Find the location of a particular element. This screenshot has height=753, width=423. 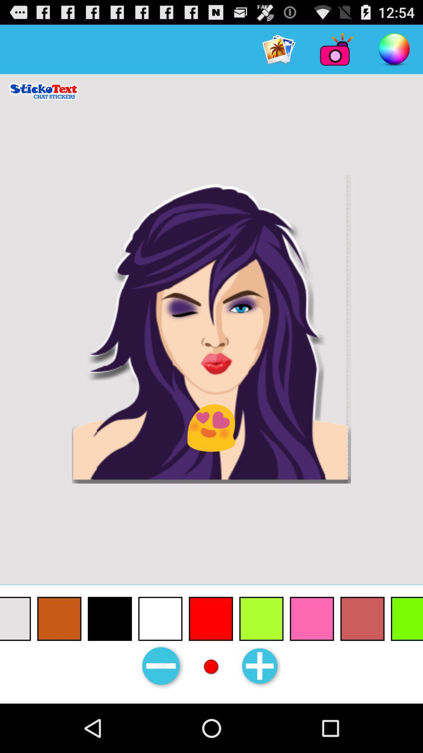

the add icon is located at coordinates (261, 714).